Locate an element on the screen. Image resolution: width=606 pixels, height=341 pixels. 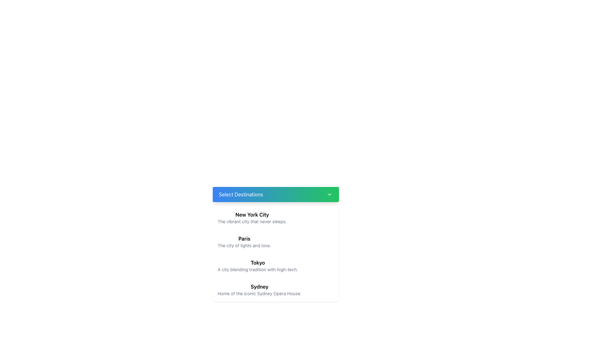
the Text Block that displays an option in a list of destinations, specifically the third item below 'Paris' and above 'Sydney' is located at coordinates (258, 266).